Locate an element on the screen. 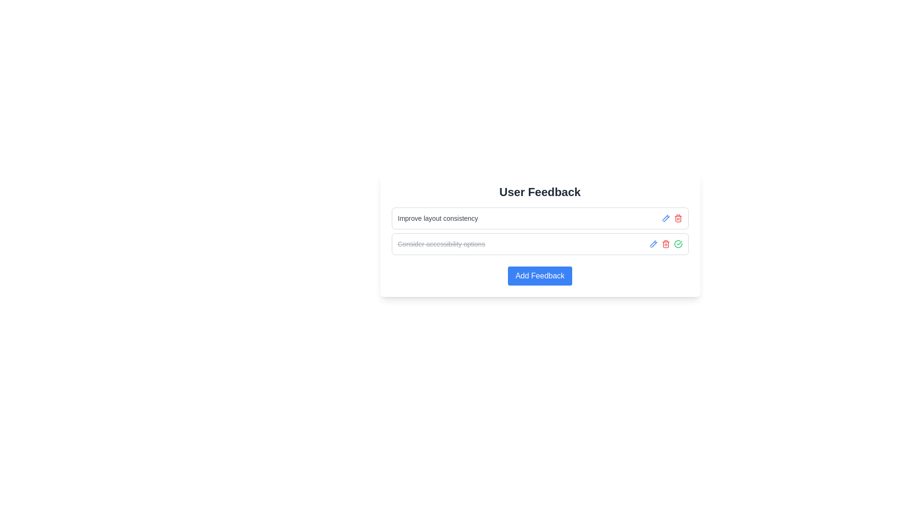 Image resolution: width=914 pixels, height=514 pixels. the edit icon element located at the far-right end of the input field for feedback options, which is represented as an 18x18 SVG graphic is located at coordinates (653, 244).